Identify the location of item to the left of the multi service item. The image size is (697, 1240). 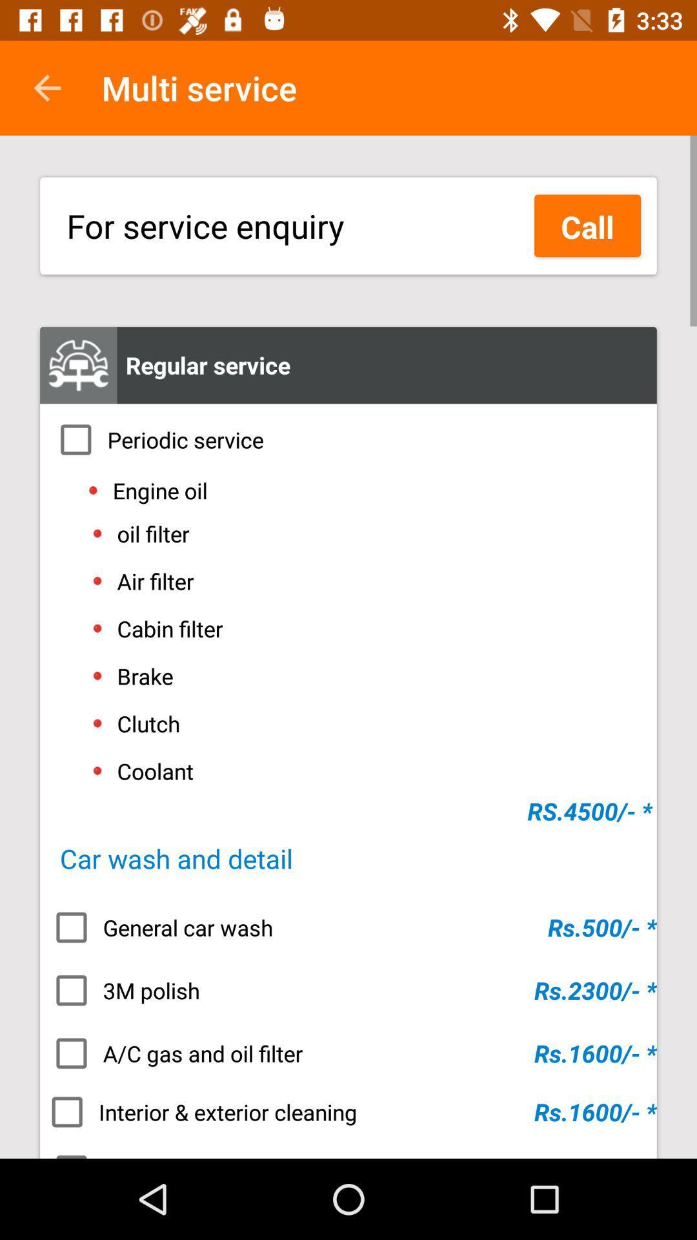
(46, 87).